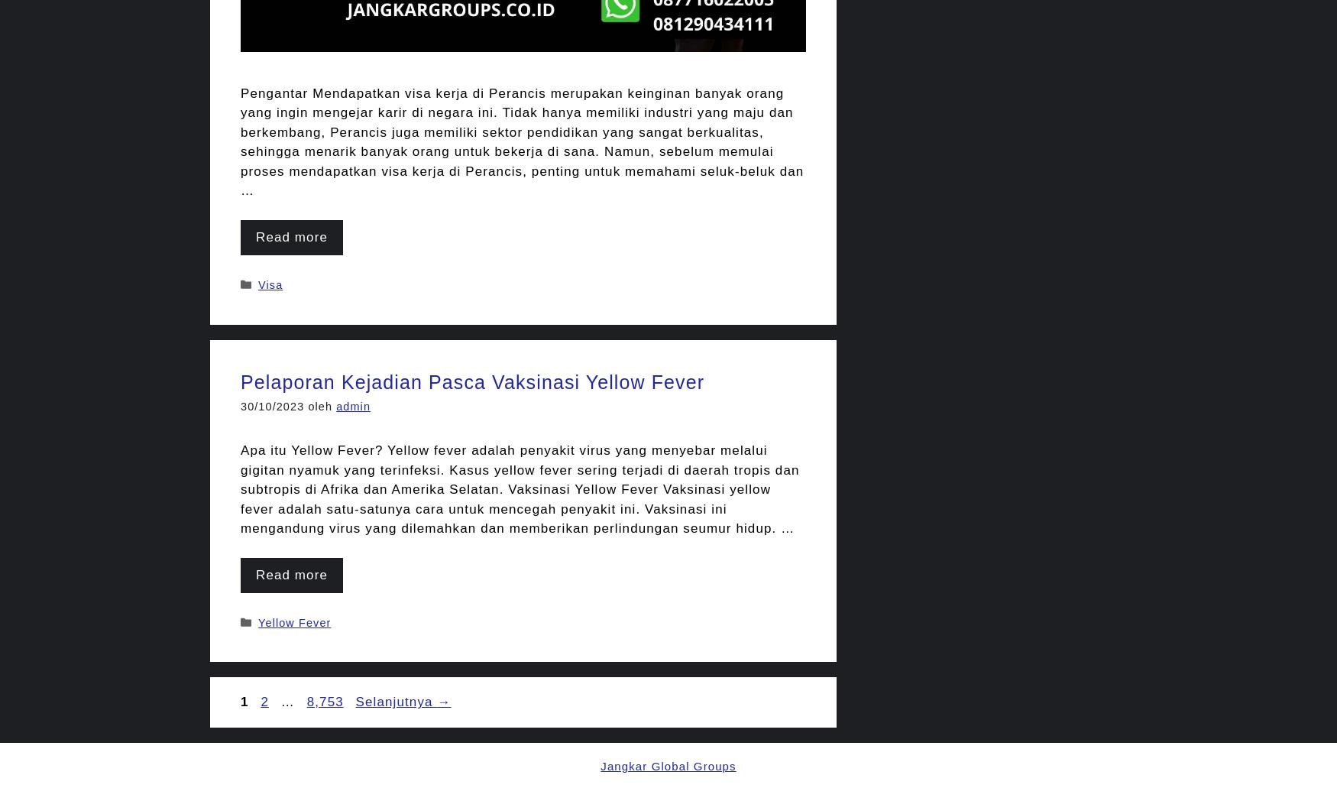  Describe the element at coordinates (261, 702) in the screenshot. I see `'2'` at that location.